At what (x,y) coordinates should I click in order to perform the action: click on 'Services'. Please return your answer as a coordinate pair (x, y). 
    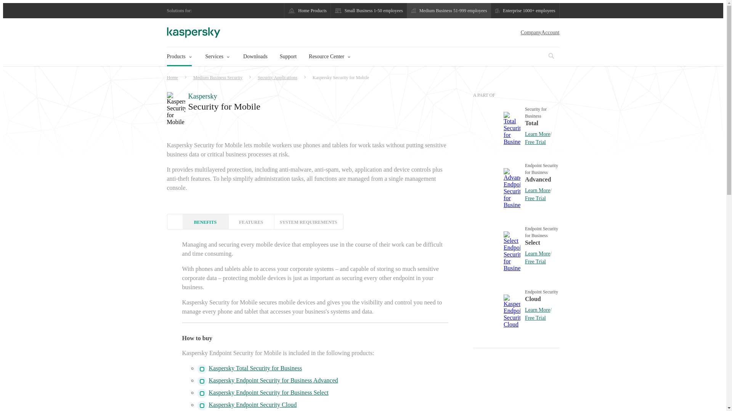
    Looking at the image, I should click on (228, 56).